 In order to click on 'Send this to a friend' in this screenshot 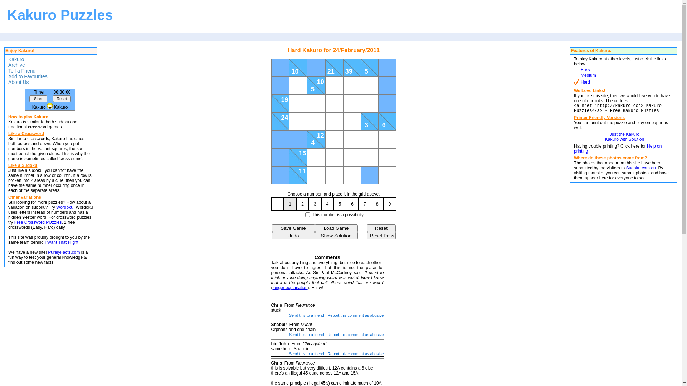, I will do `click(289, 335)`.